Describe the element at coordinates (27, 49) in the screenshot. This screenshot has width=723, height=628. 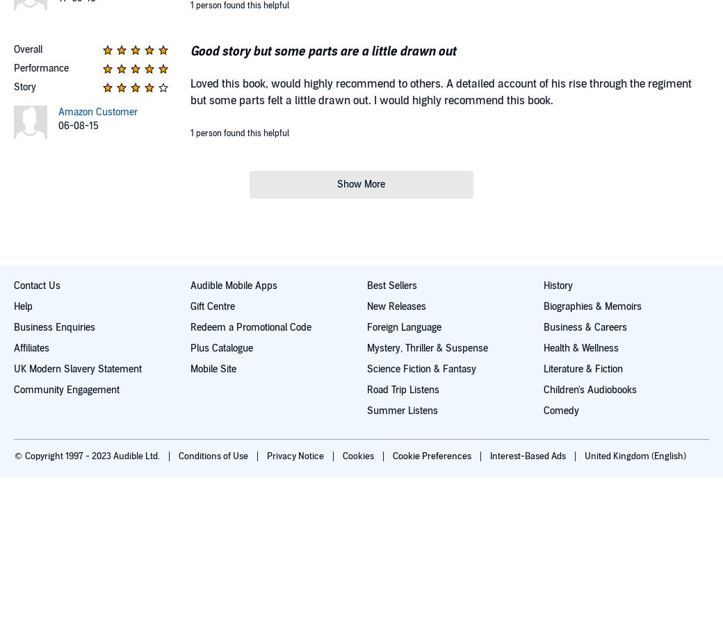
I see `'Overall'` at that location.